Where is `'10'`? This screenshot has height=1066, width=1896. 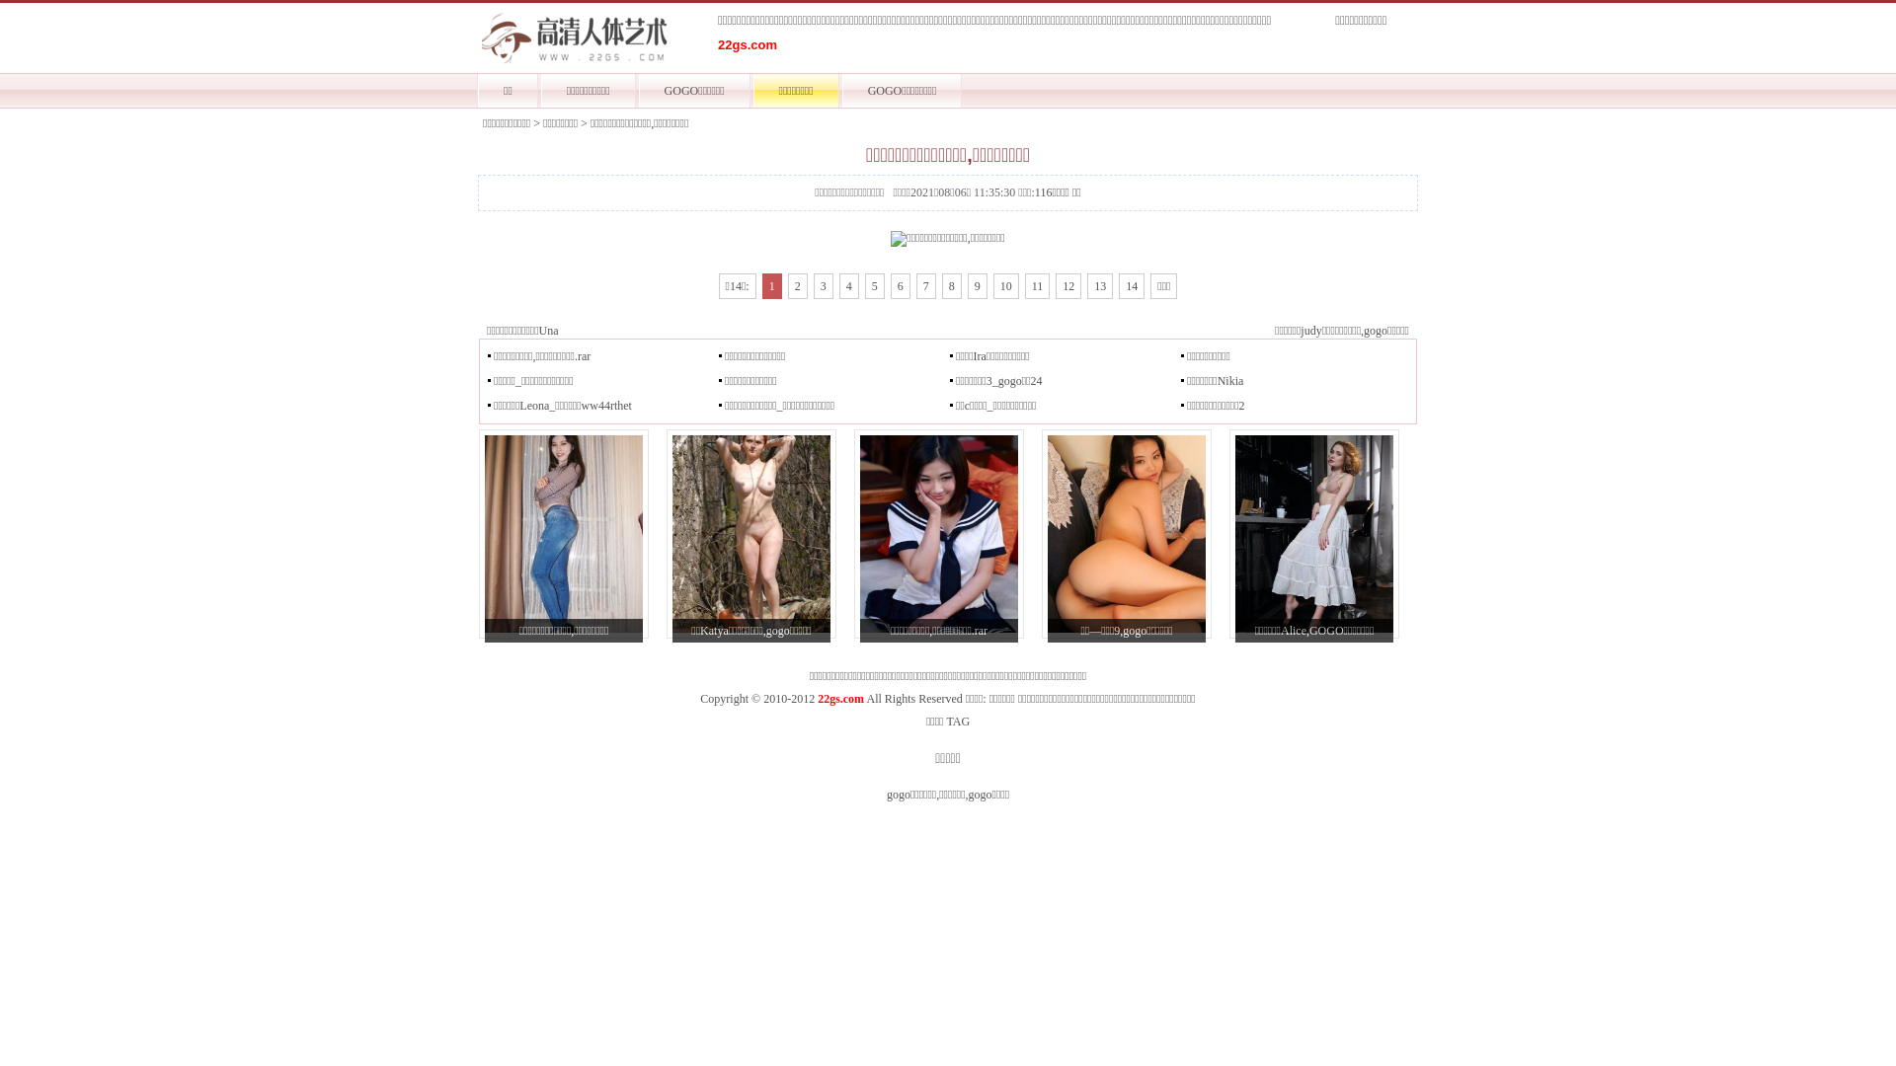 '10' is located at coordinates (1005, 285).